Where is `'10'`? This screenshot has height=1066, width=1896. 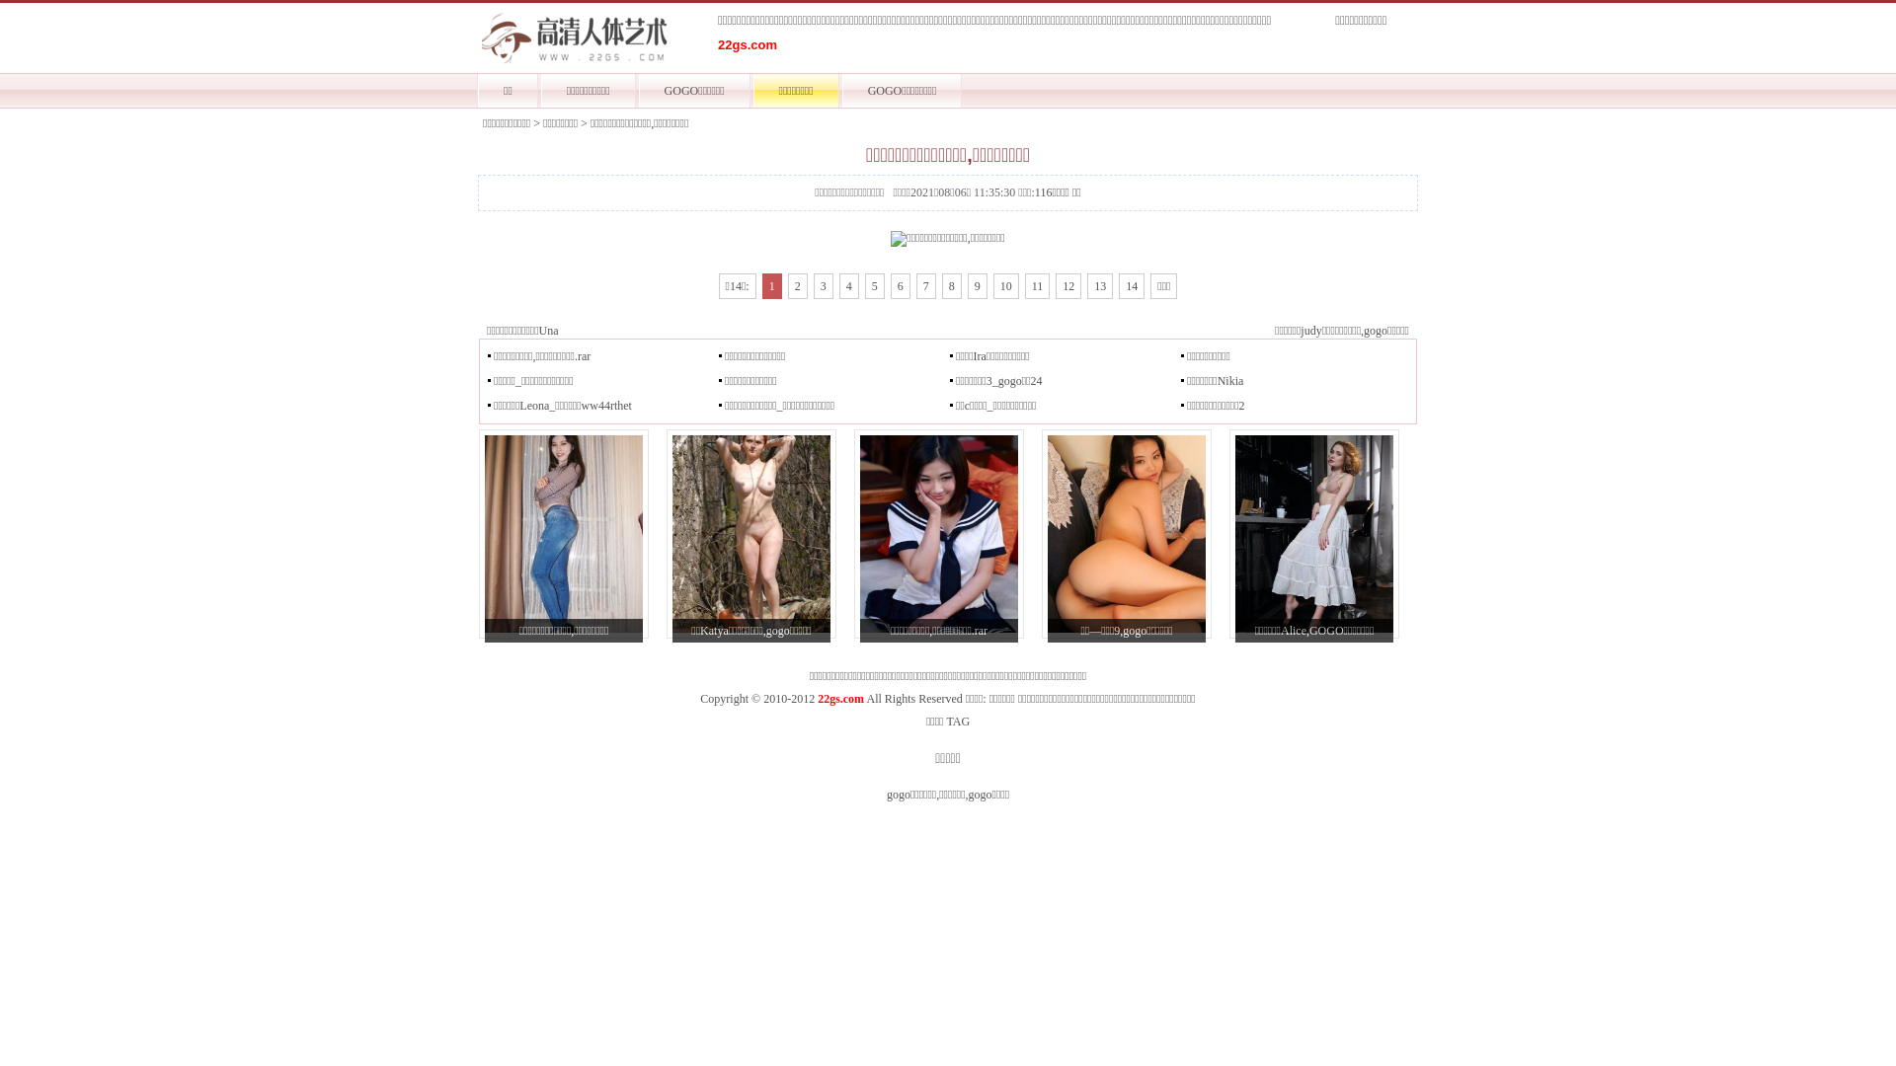 '10' is located at coordinates (1005, 285).